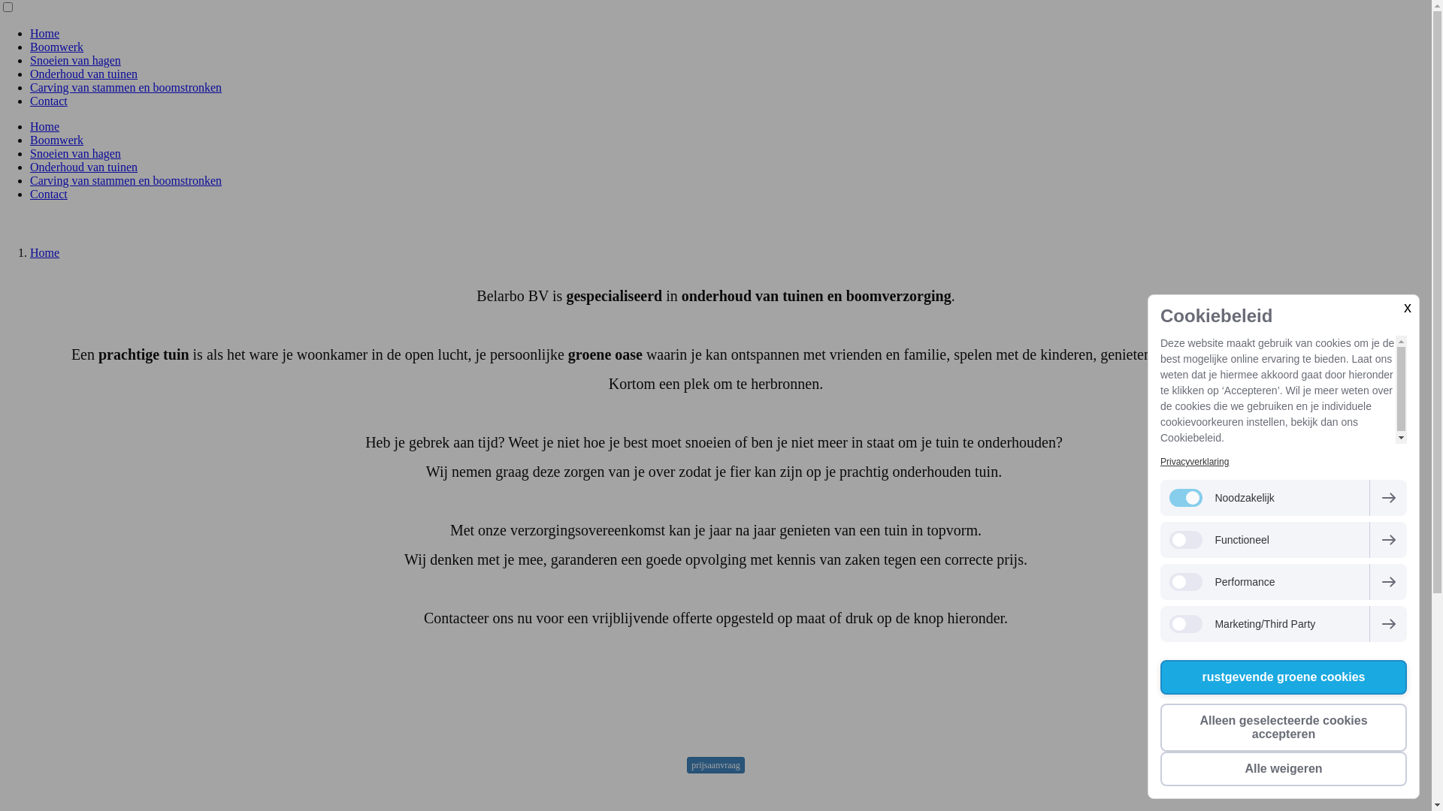 The image size is (1443, 811). Describe the element at coordinates (715, 764) in the screenshot. I see `'prijsaanvraag'` at that location.